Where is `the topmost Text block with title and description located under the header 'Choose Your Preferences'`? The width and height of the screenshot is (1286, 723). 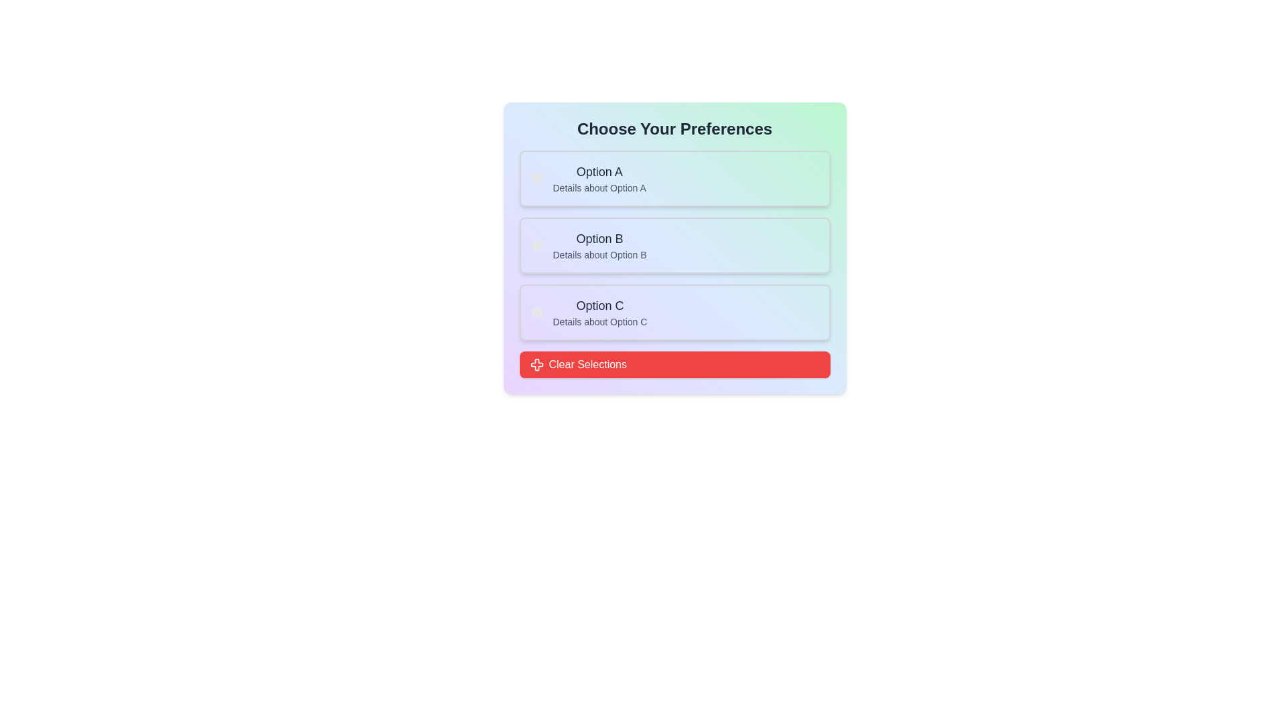 the topmost Text block with title and description located under the header 'Choose Your Preferences' is located at coordinates (599, 177).